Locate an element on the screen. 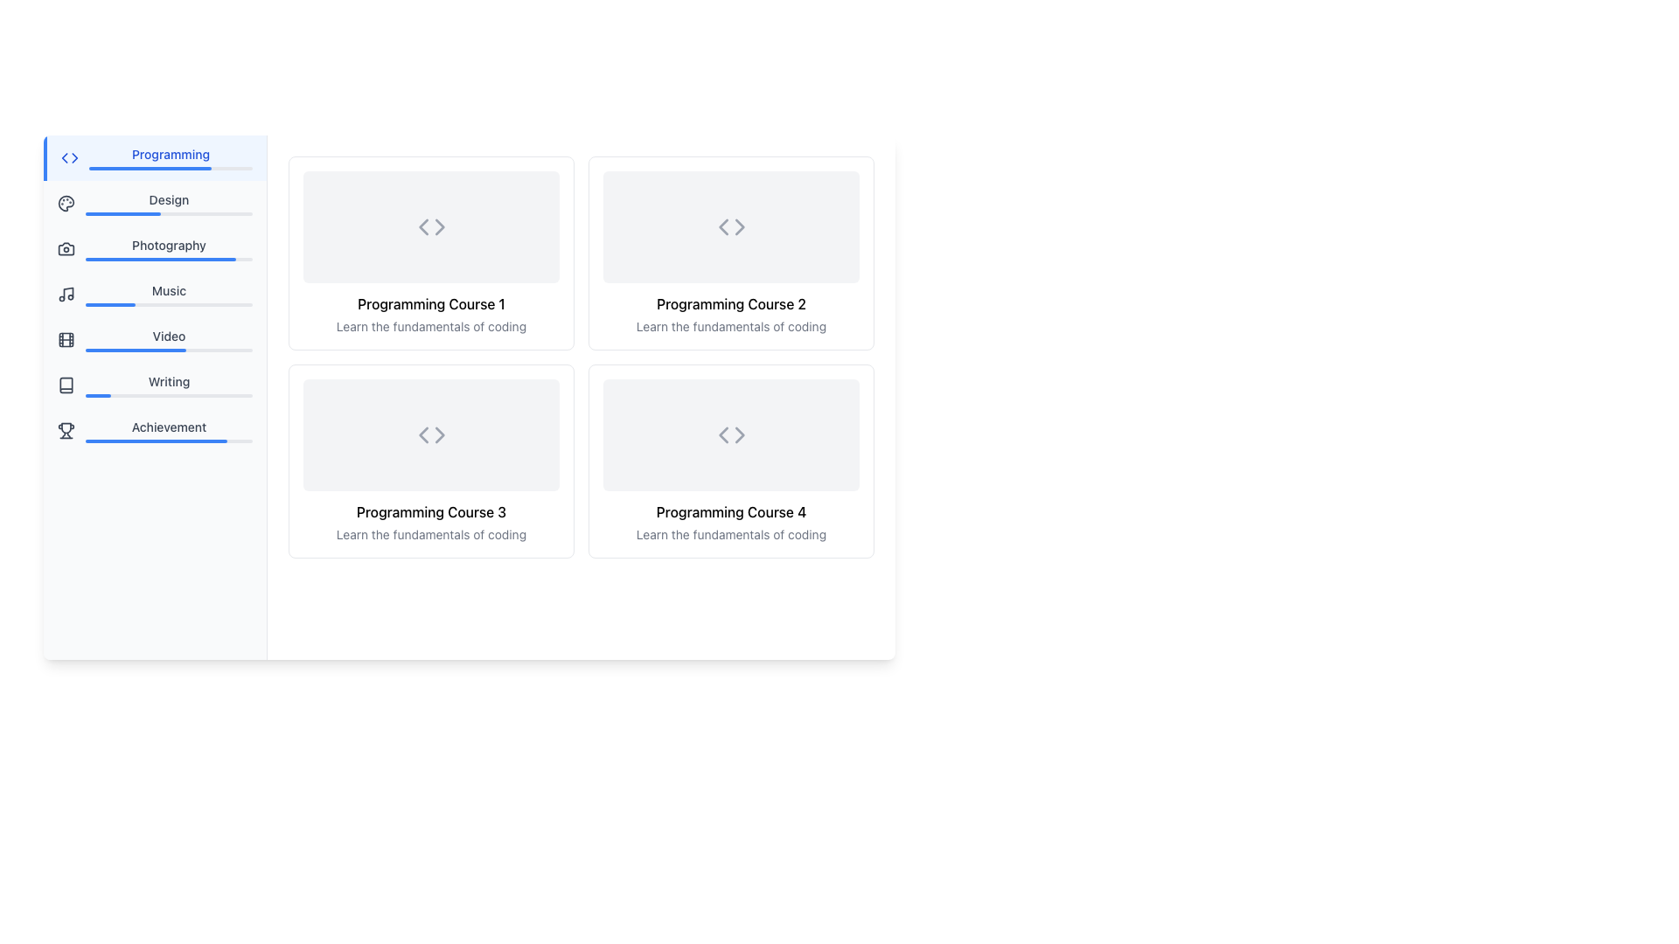 The width and height of the screenshot is (1679, 944). the 'Music' navigation label located in the left sidebar, positioned below 'Photography' and above 'Video' is located at coordinates (169, 289).